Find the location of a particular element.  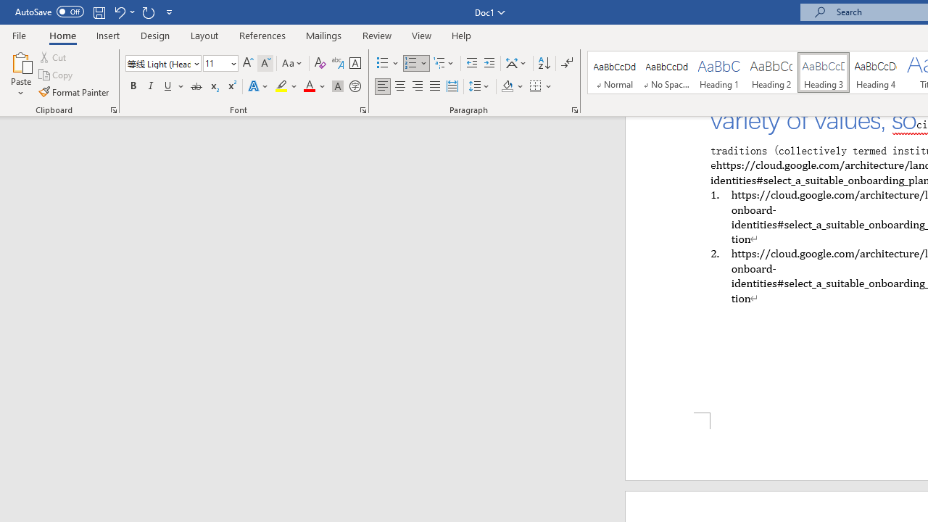

'Subscript' is located at coordinates (213, 86).